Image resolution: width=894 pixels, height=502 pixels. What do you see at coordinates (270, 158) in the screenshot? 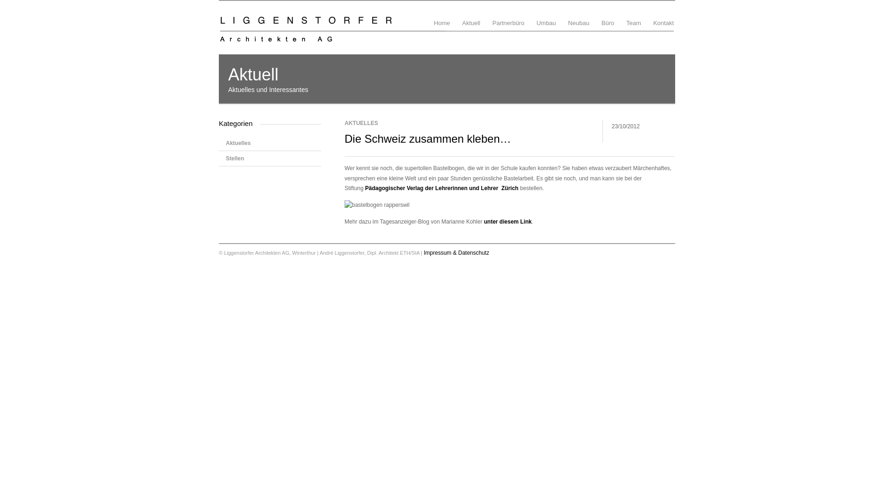
I see `'Stellen'` at bounding box center [270, 158].